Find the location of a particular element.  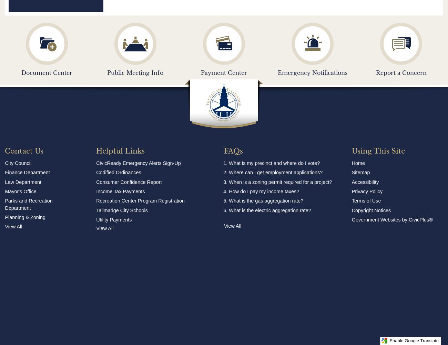

'Planning & Zoning' is located at coordinates (25, 217).